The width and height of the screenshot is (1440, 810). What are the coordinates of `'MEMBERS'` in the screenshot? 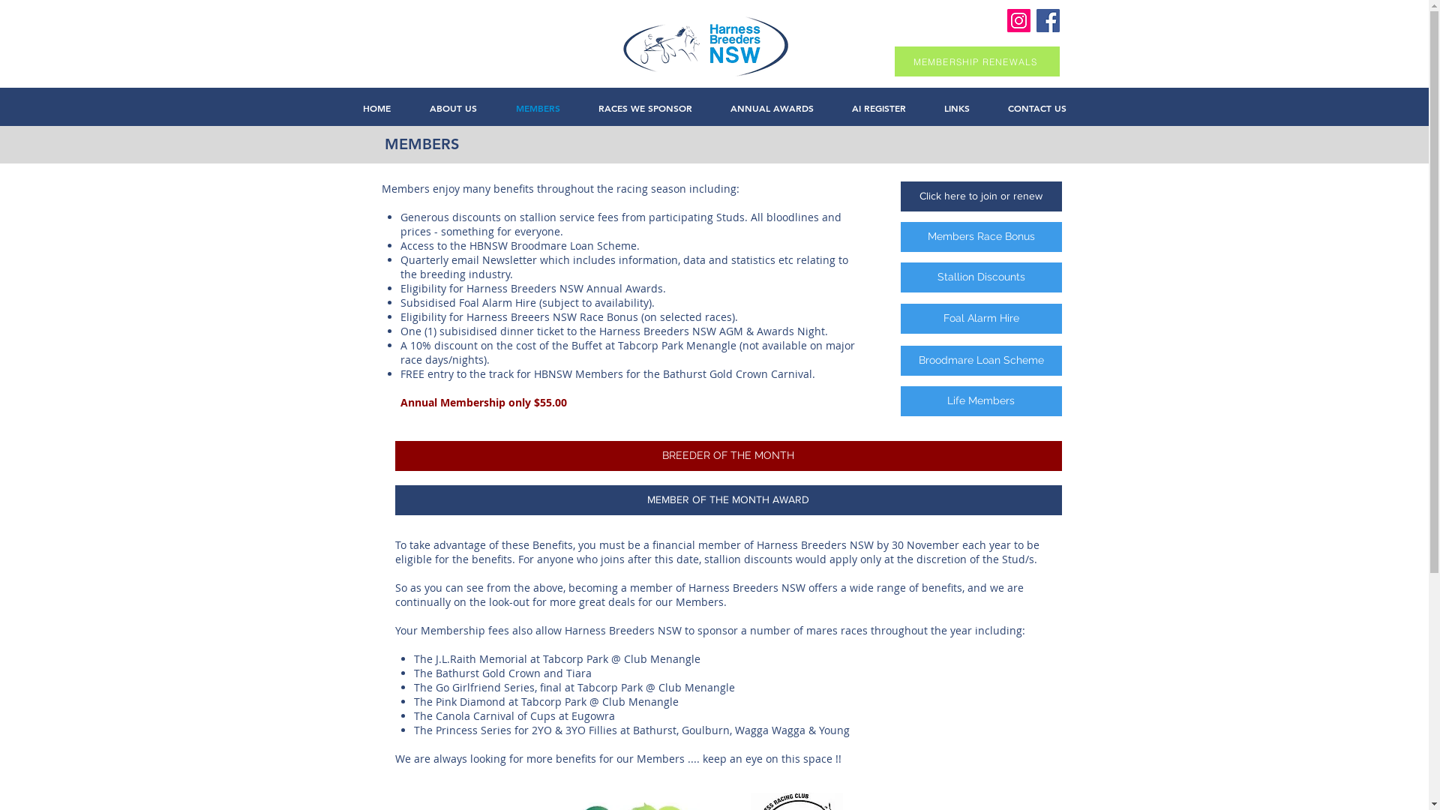 It's located at (538, 107).